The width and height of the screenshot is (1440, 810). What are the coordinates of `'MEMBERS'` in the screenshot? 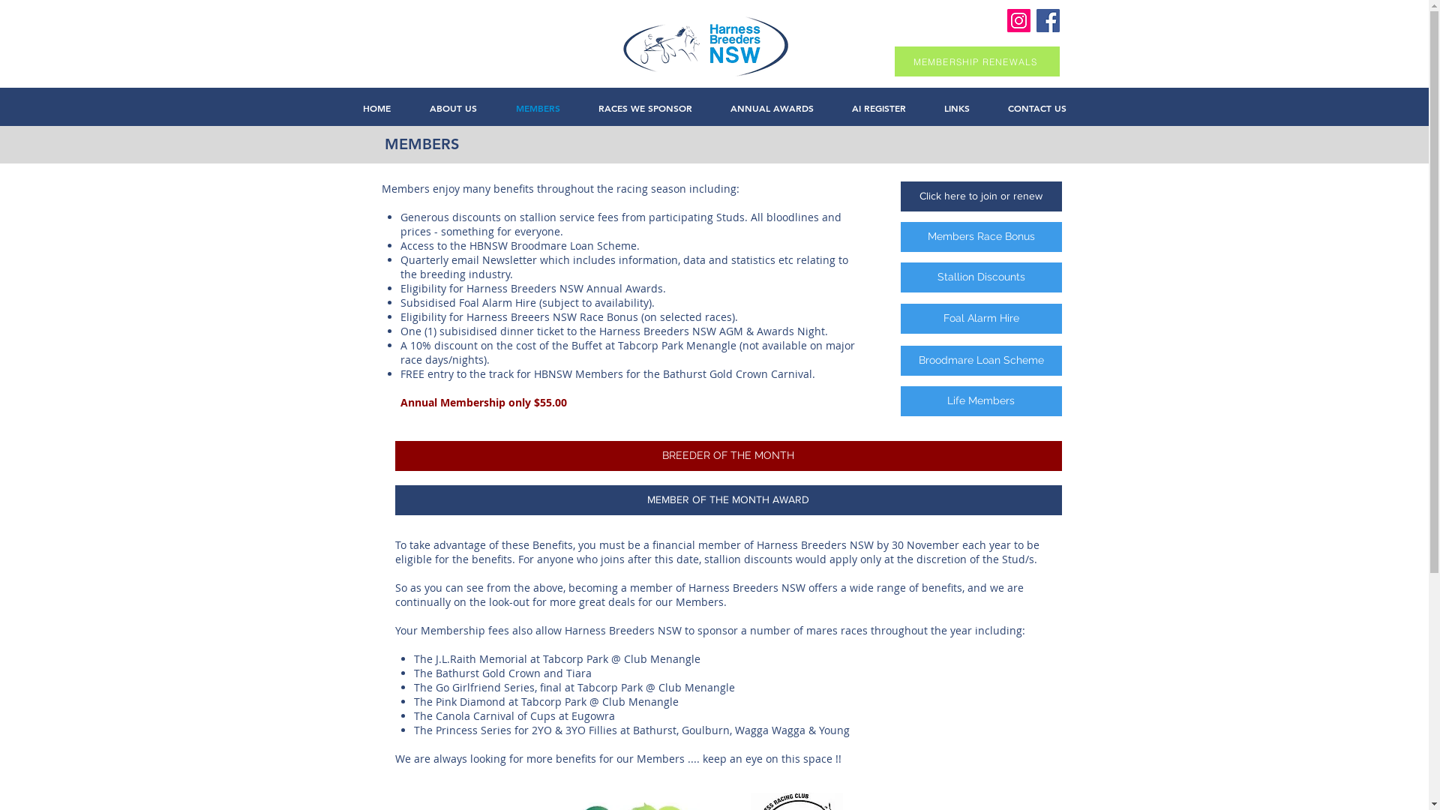 It's located at (538, 107).